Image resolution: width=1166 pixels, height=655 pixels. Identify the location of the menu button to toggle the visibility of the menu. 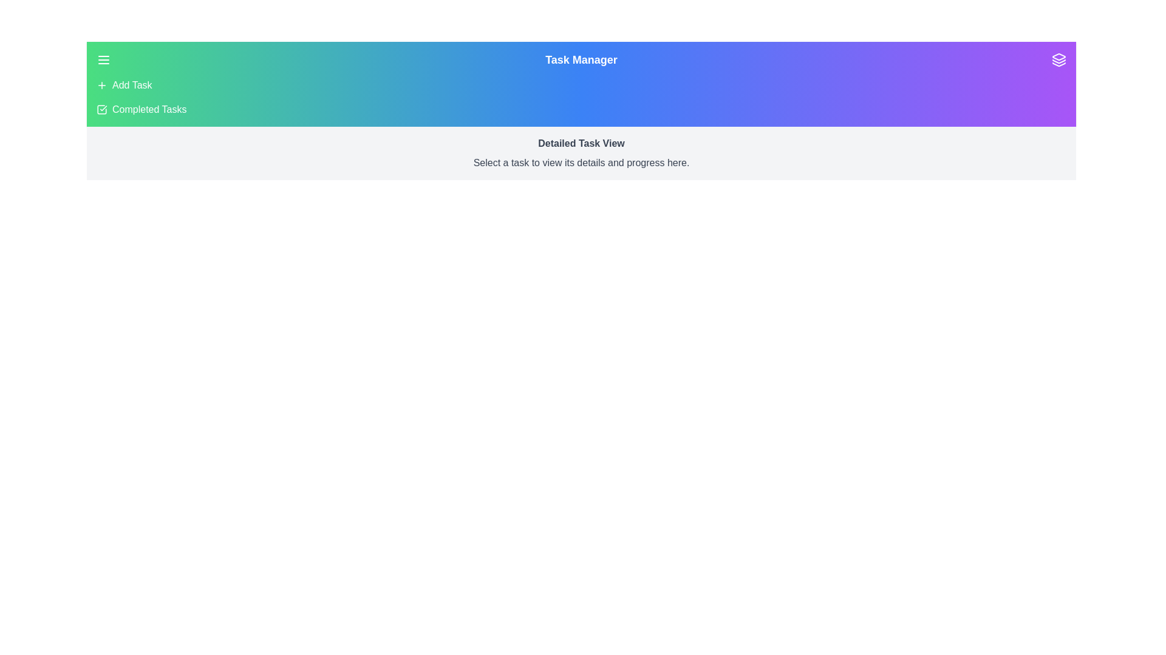
(104, 60).